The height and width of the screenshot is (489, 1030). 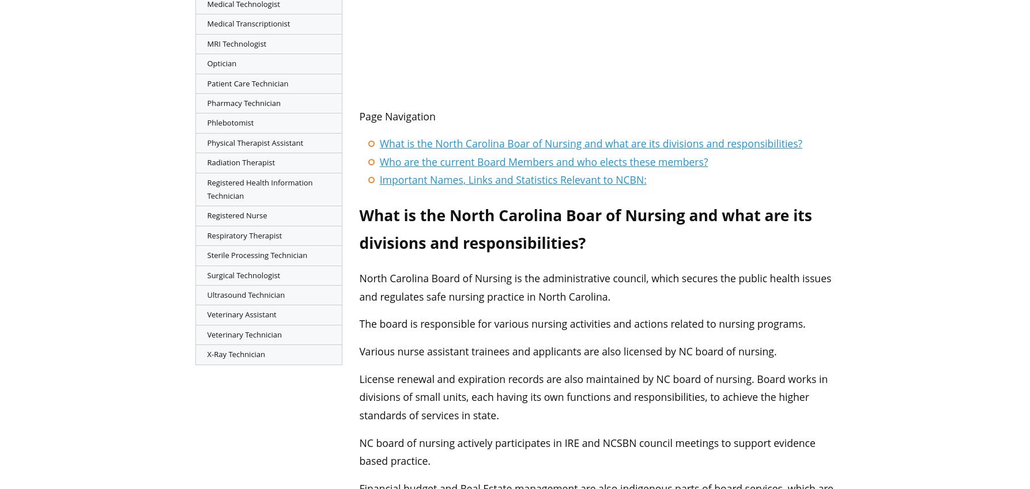 I want to click on 'Radiation Therapist', so click(x=240, y=162).